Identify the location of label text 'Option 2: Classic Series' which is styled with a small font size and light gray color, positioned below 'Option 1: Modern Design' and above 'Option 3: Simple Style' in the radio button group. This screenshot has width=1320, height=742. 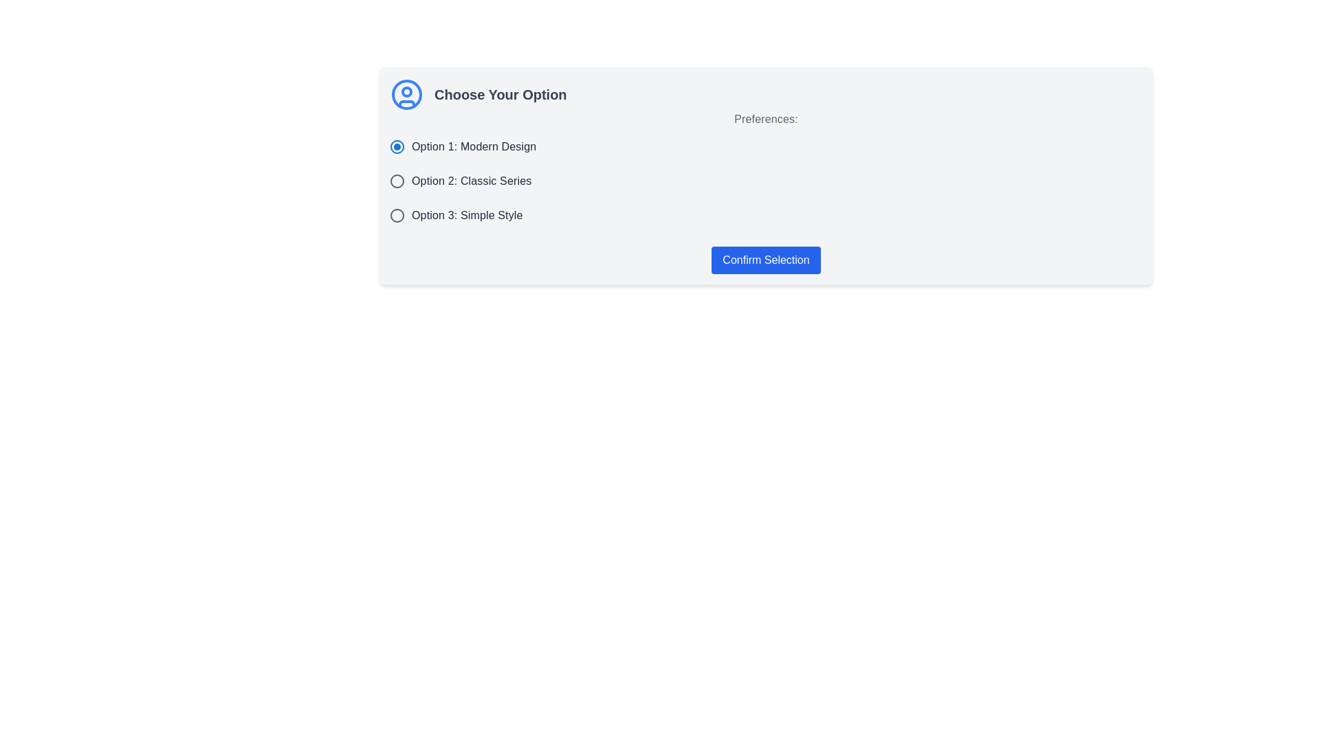
(472, 180).